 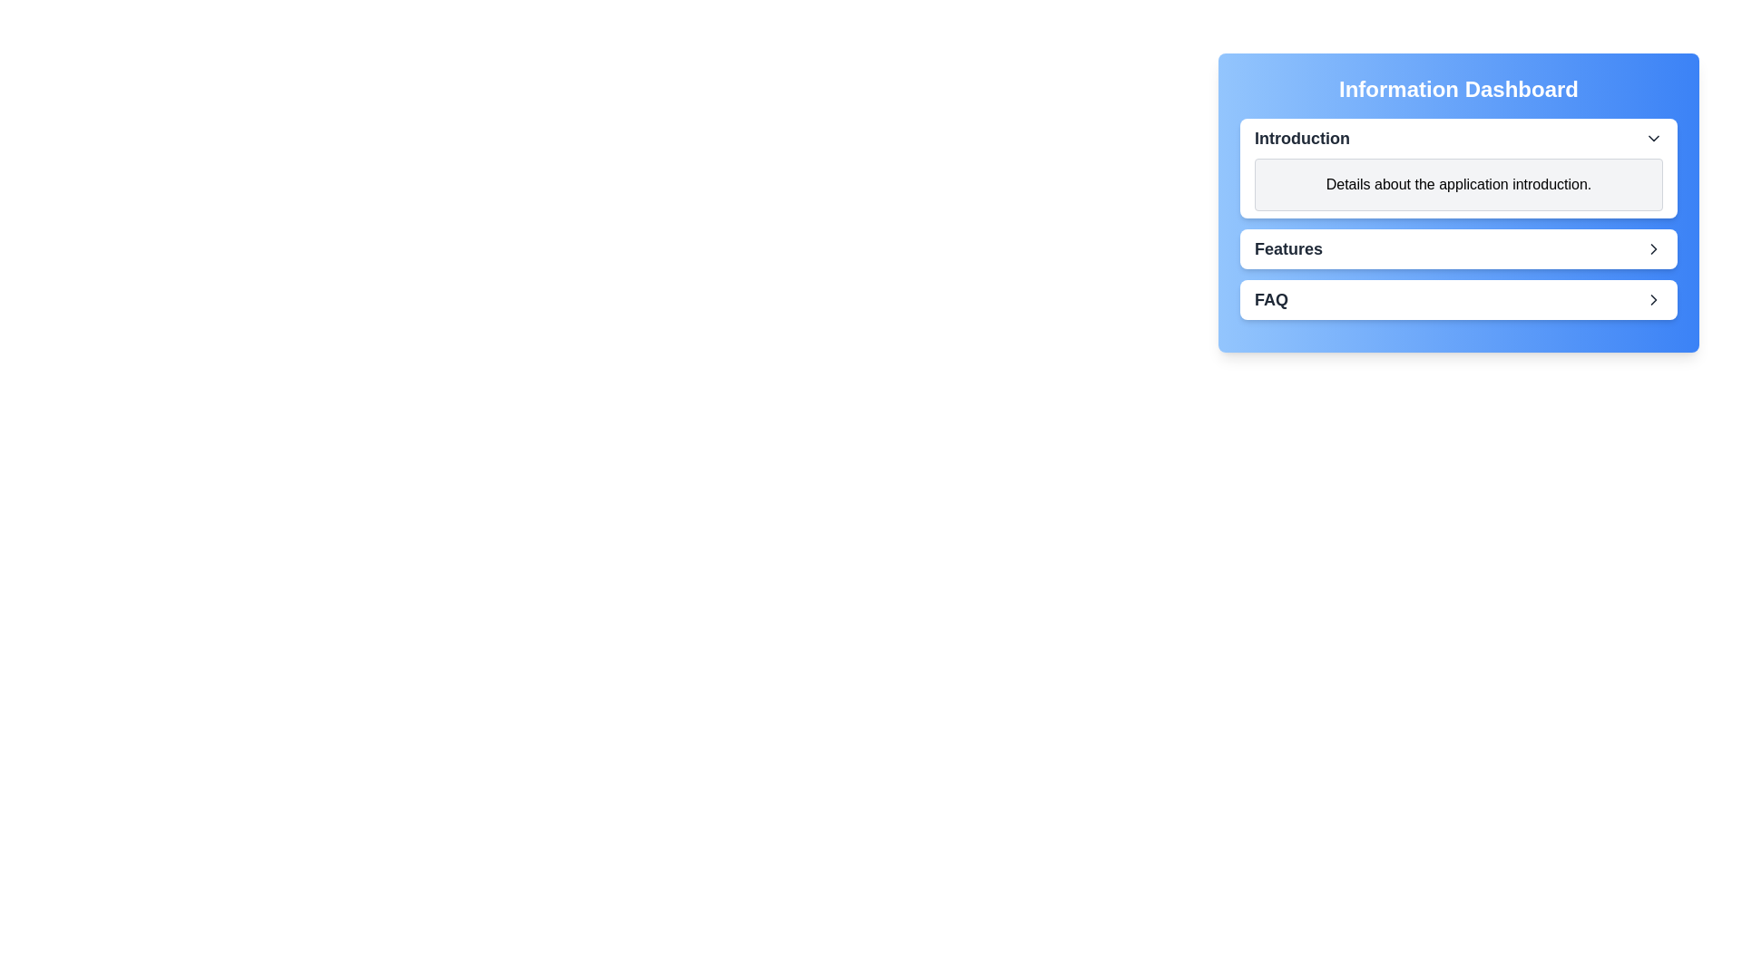 What do you see at coordinates (1654, 248) in the screenshot?
I see `the right-pointing chevron icon located inside the button next to the 'Features' button in the 'Information Dashboard' section` at bounding box center [1654, 248].